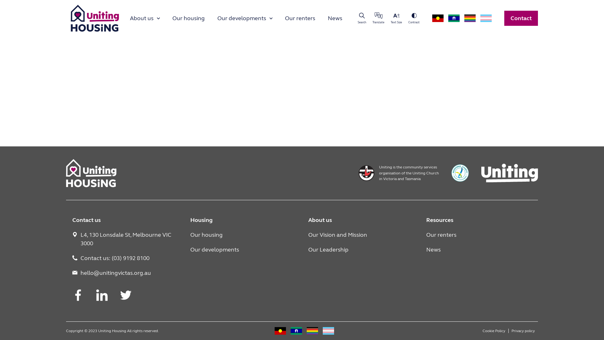 The width and height of the screenshot is (604, 340). Describe the element at coordinates (125, 239) in the screenshot. I see `'L4, 130 Lonsdale St, Melbourne VIC 3000'` at that location.